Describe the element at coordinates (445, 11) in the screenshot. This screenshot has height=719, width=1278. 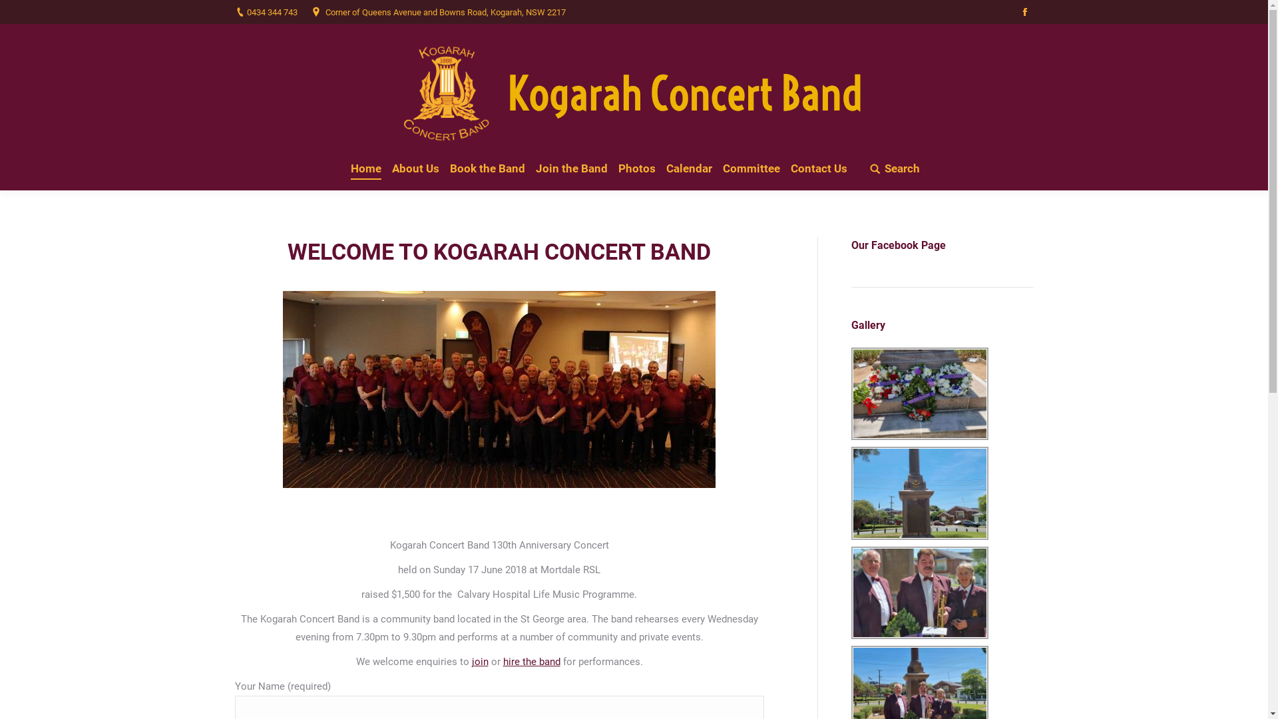
I see `'Corner of Queens Avenue and Bowns Road, Kogarah, NSW 2217'` at that location.